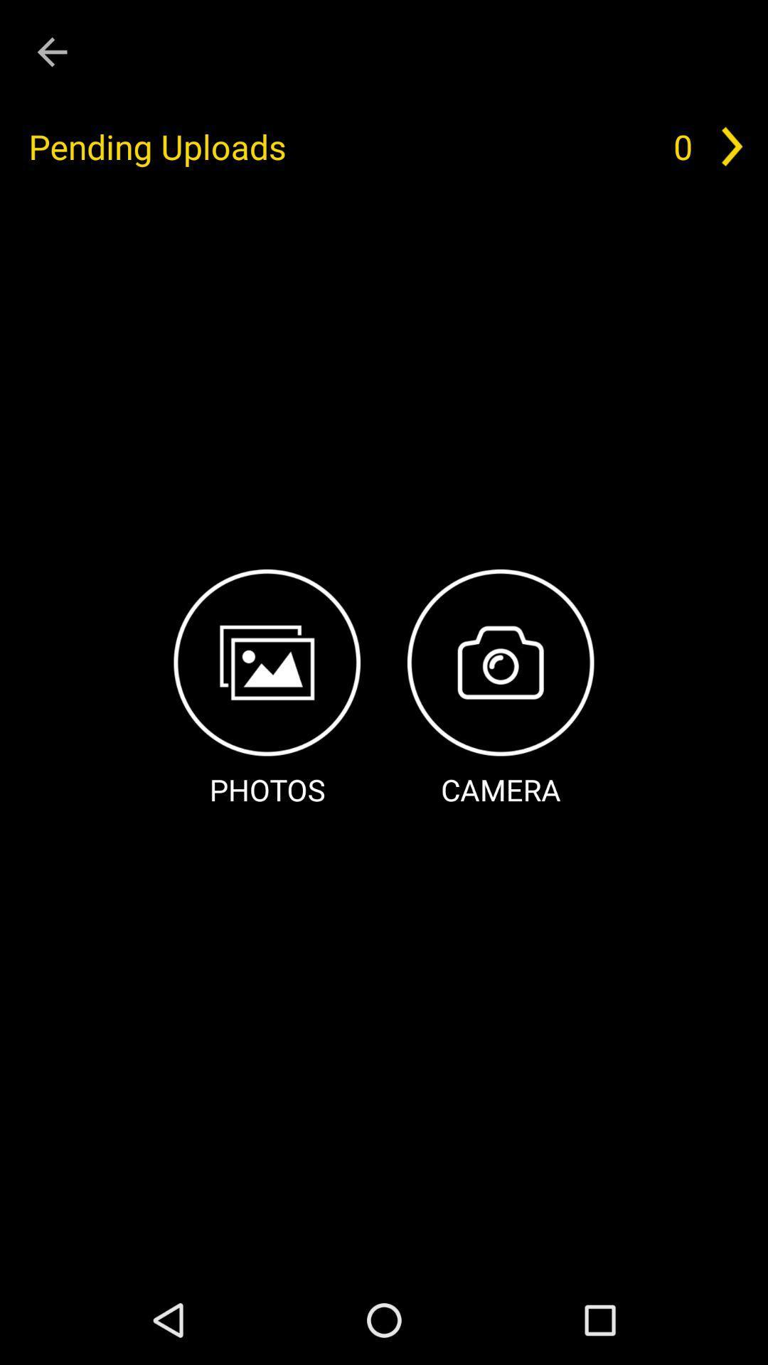  I want to click on 0 icon, so click(682, 146).